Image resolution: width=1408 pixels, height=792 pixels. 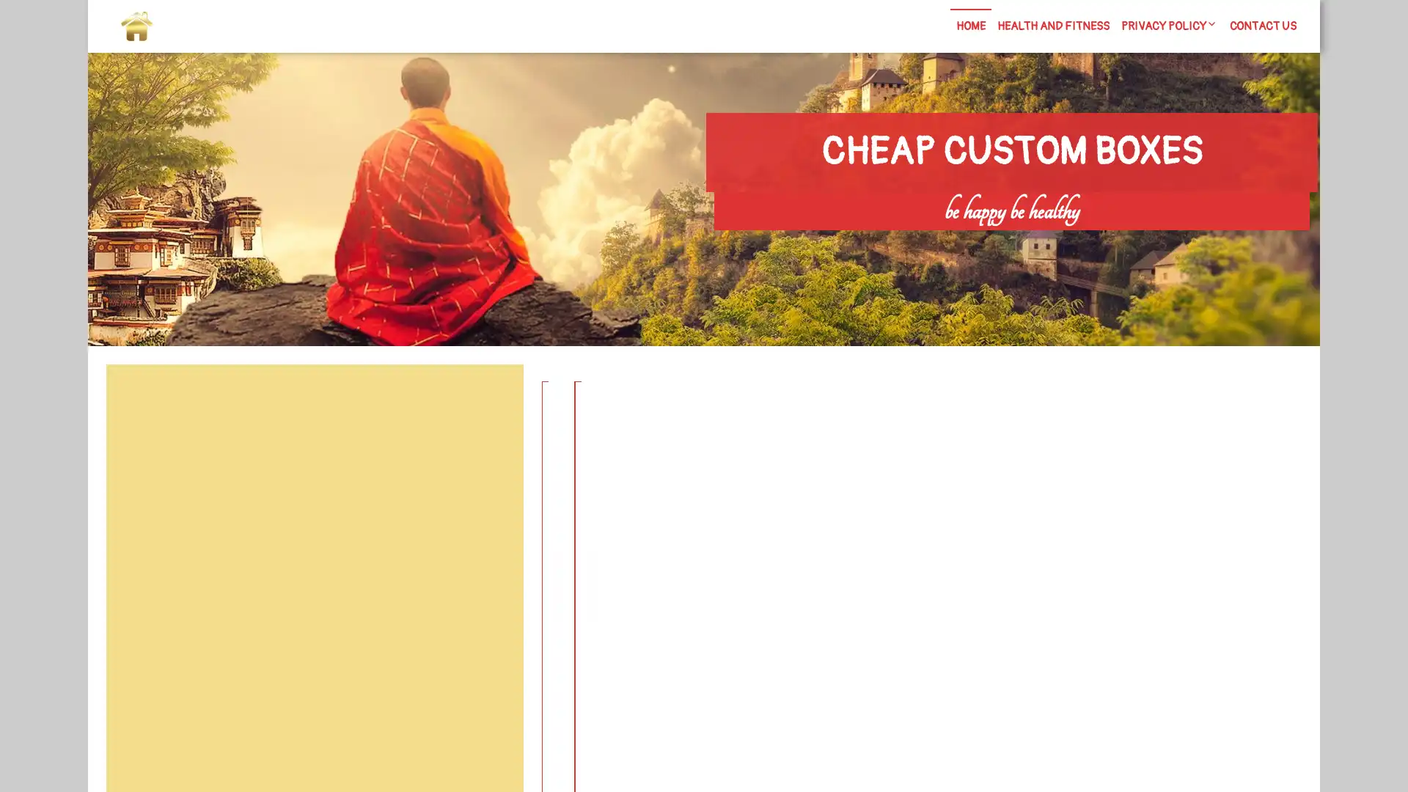 What do you see at coordinates (1142, 240) in the screenshot?
I see `Search` at bounding box center [1142, 240].